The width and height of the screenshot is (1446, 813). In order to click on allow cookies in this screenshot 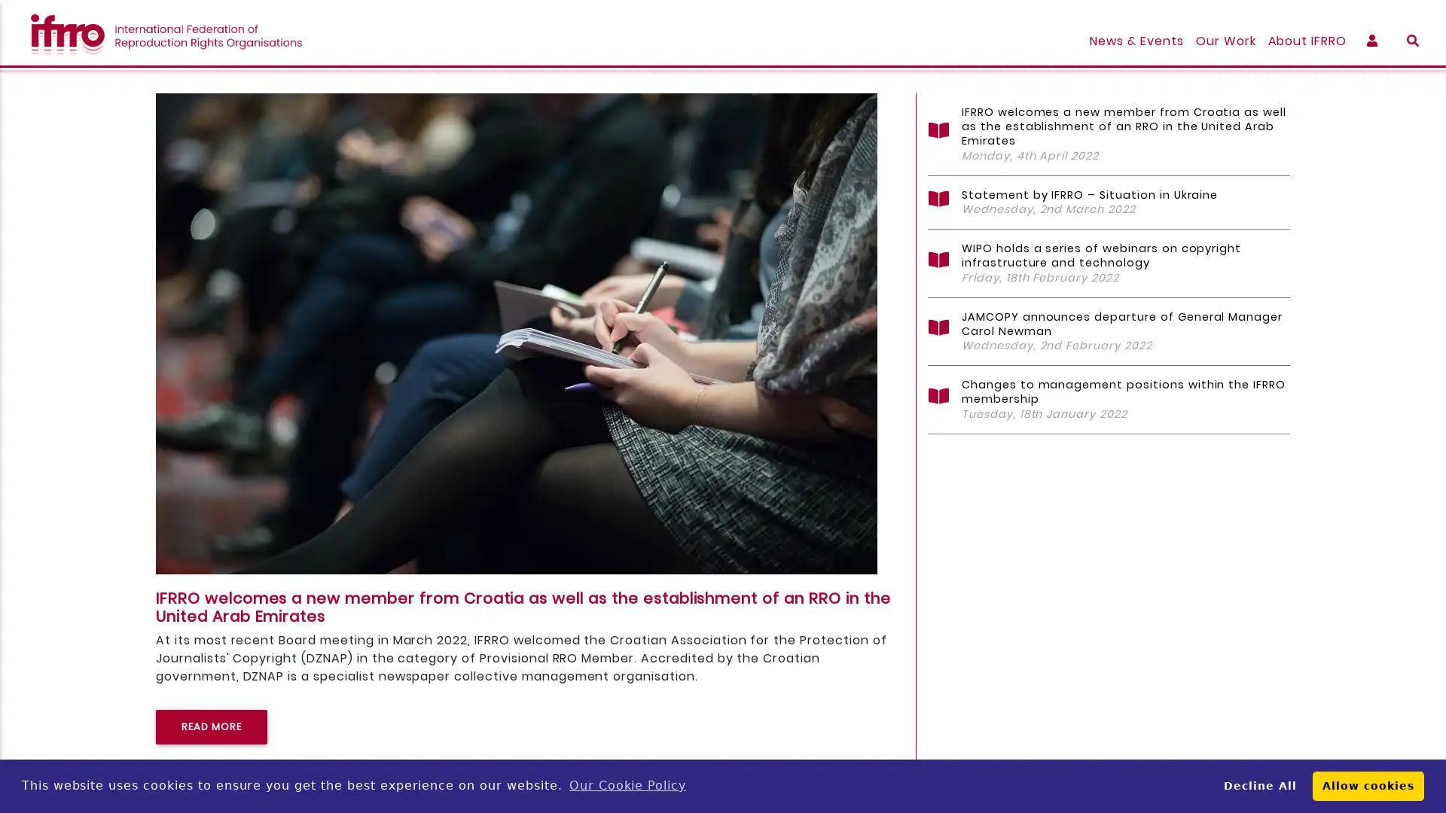, I will do `click(1368, 785)`.